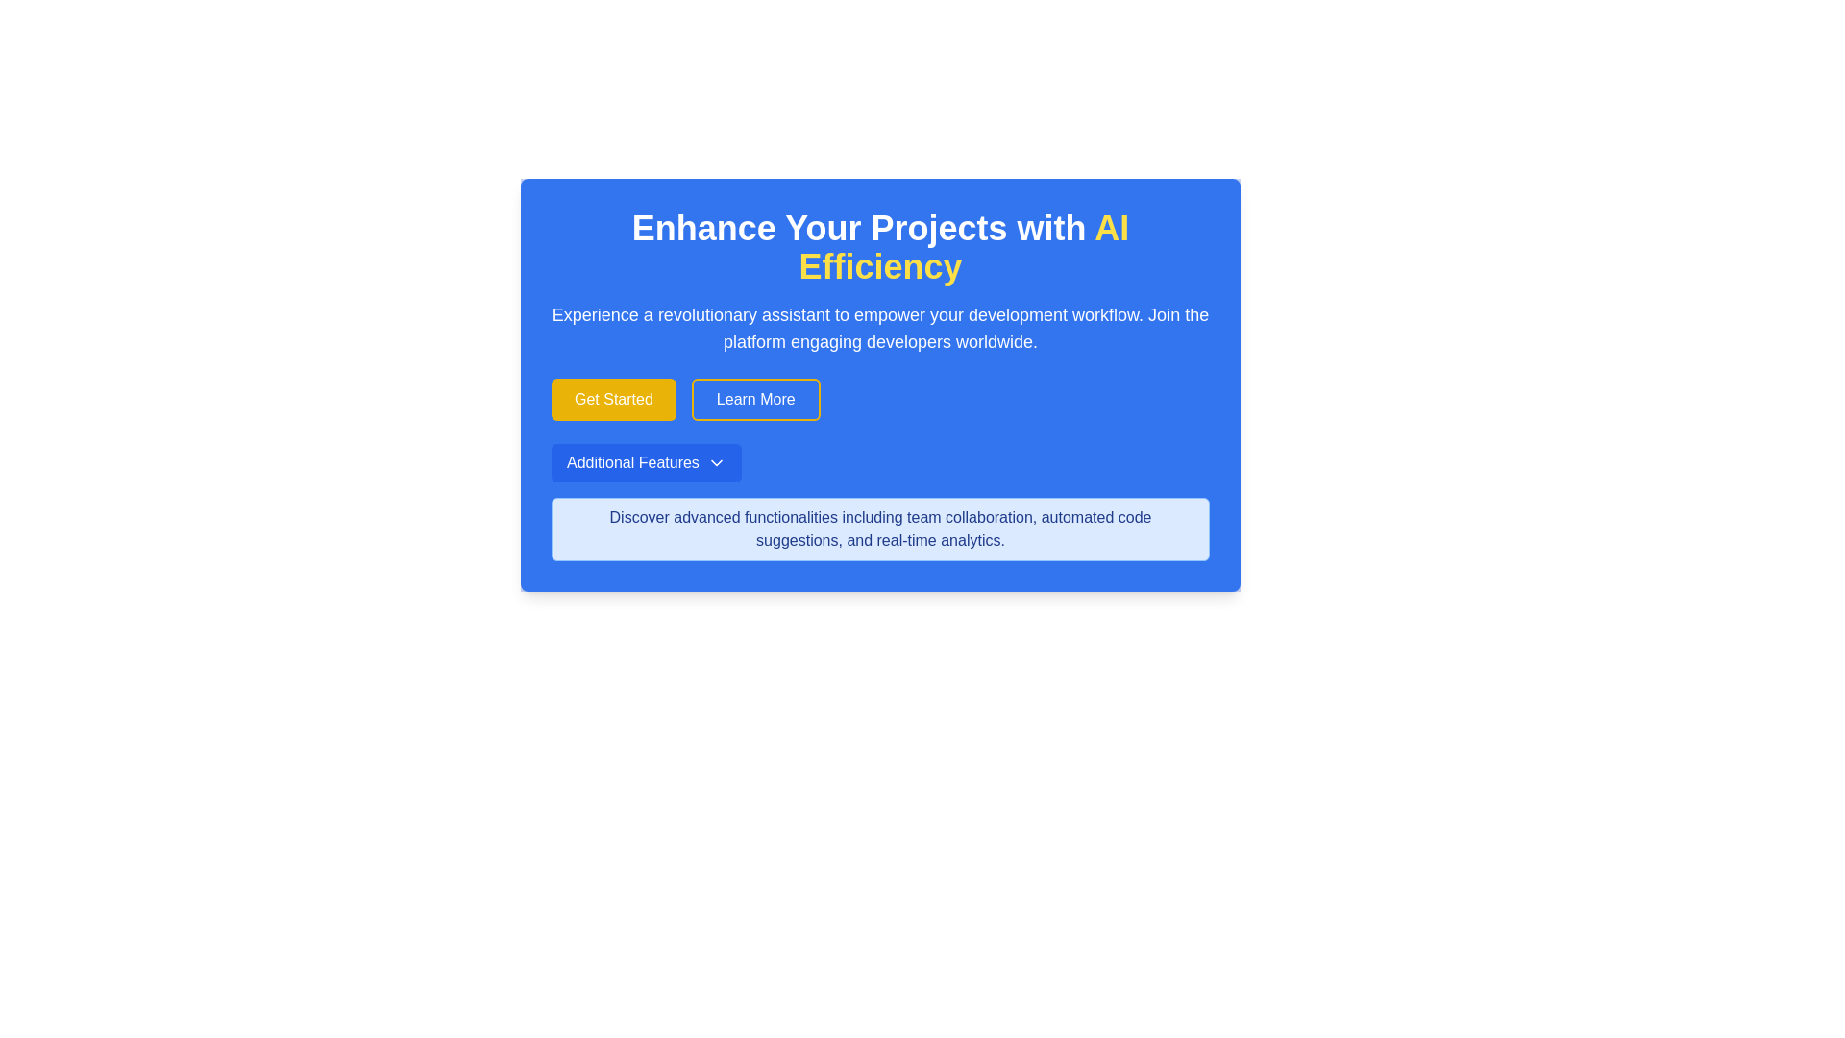 This screenshot has width=1845, height=1038. I want to click on the Text Display element located centrally beneath the headline 'Enhance Your Projects with AI Efficiency', which provides additional descriptive content about the platform's benefits and purpose, so click(879, 328).